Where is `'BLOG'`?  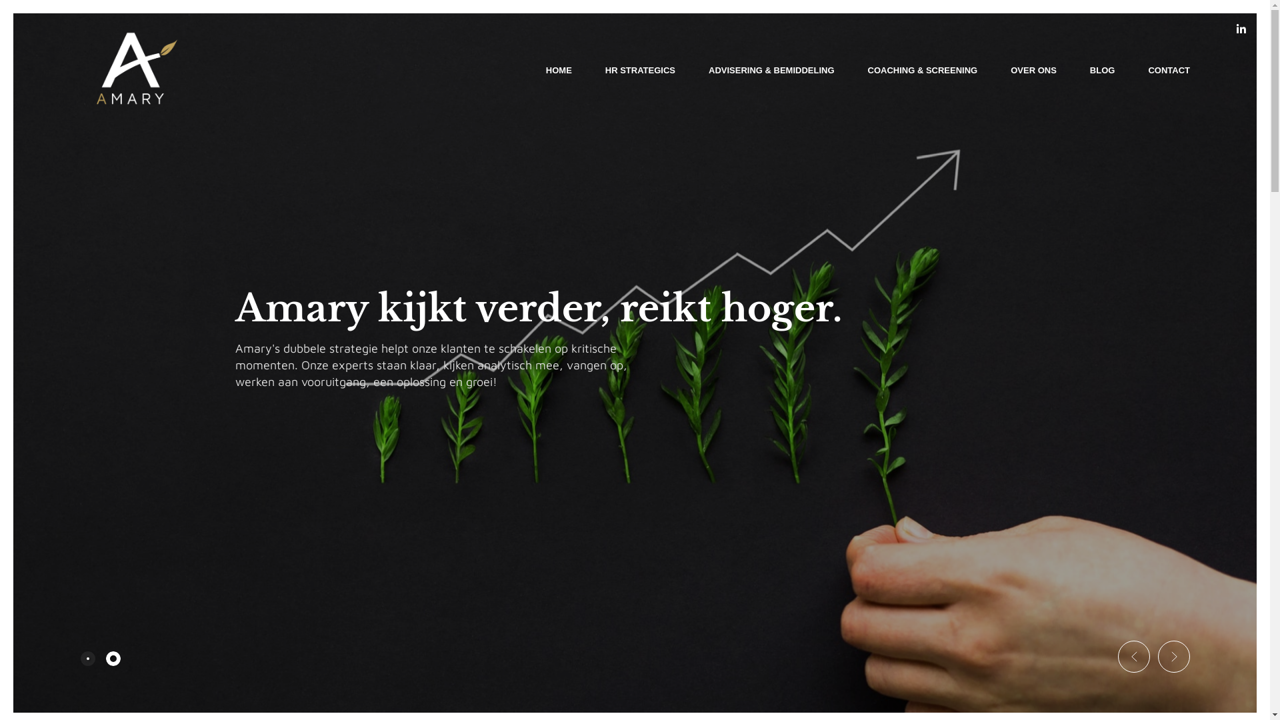 'BLOG' is located at coordinates (1103, 70).